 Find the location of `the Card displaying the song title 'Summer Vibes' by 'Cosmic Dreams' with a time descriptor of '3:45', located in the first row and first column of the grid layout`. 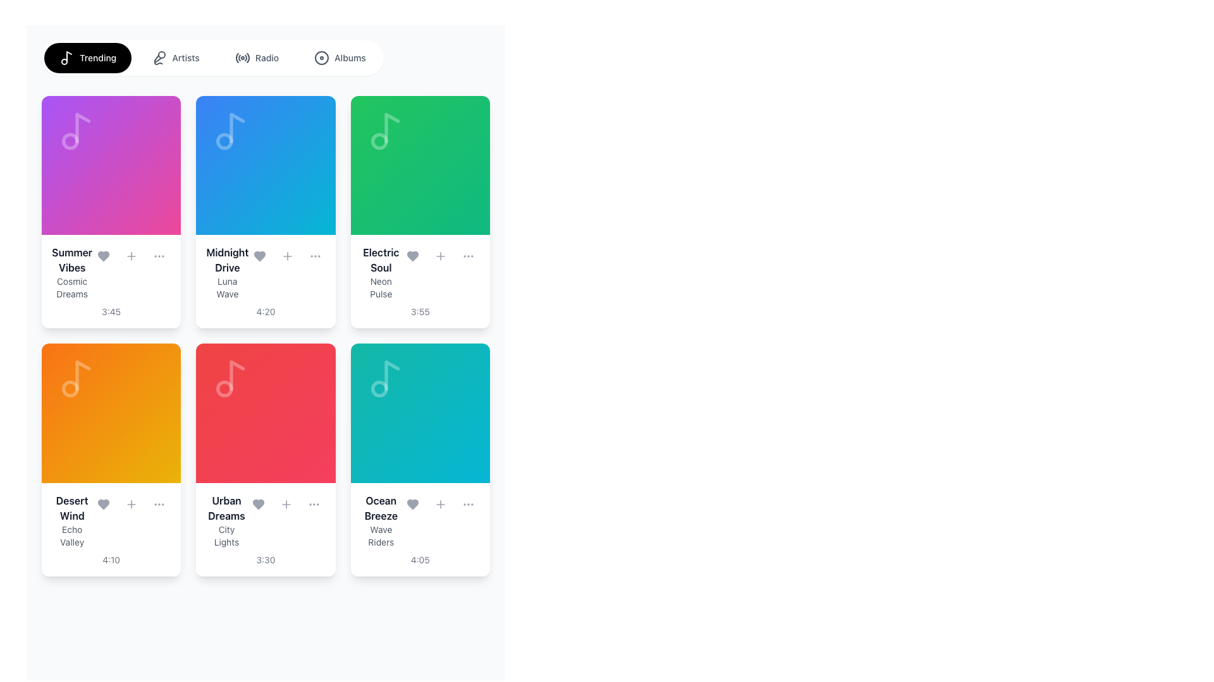

the Card displaying the song title 'Summer Vibes' by 'Cosmic Dreams' with a time descriptor of '3:45', located in the first row and first column of the grid layout is located at coordinates (111, 281).